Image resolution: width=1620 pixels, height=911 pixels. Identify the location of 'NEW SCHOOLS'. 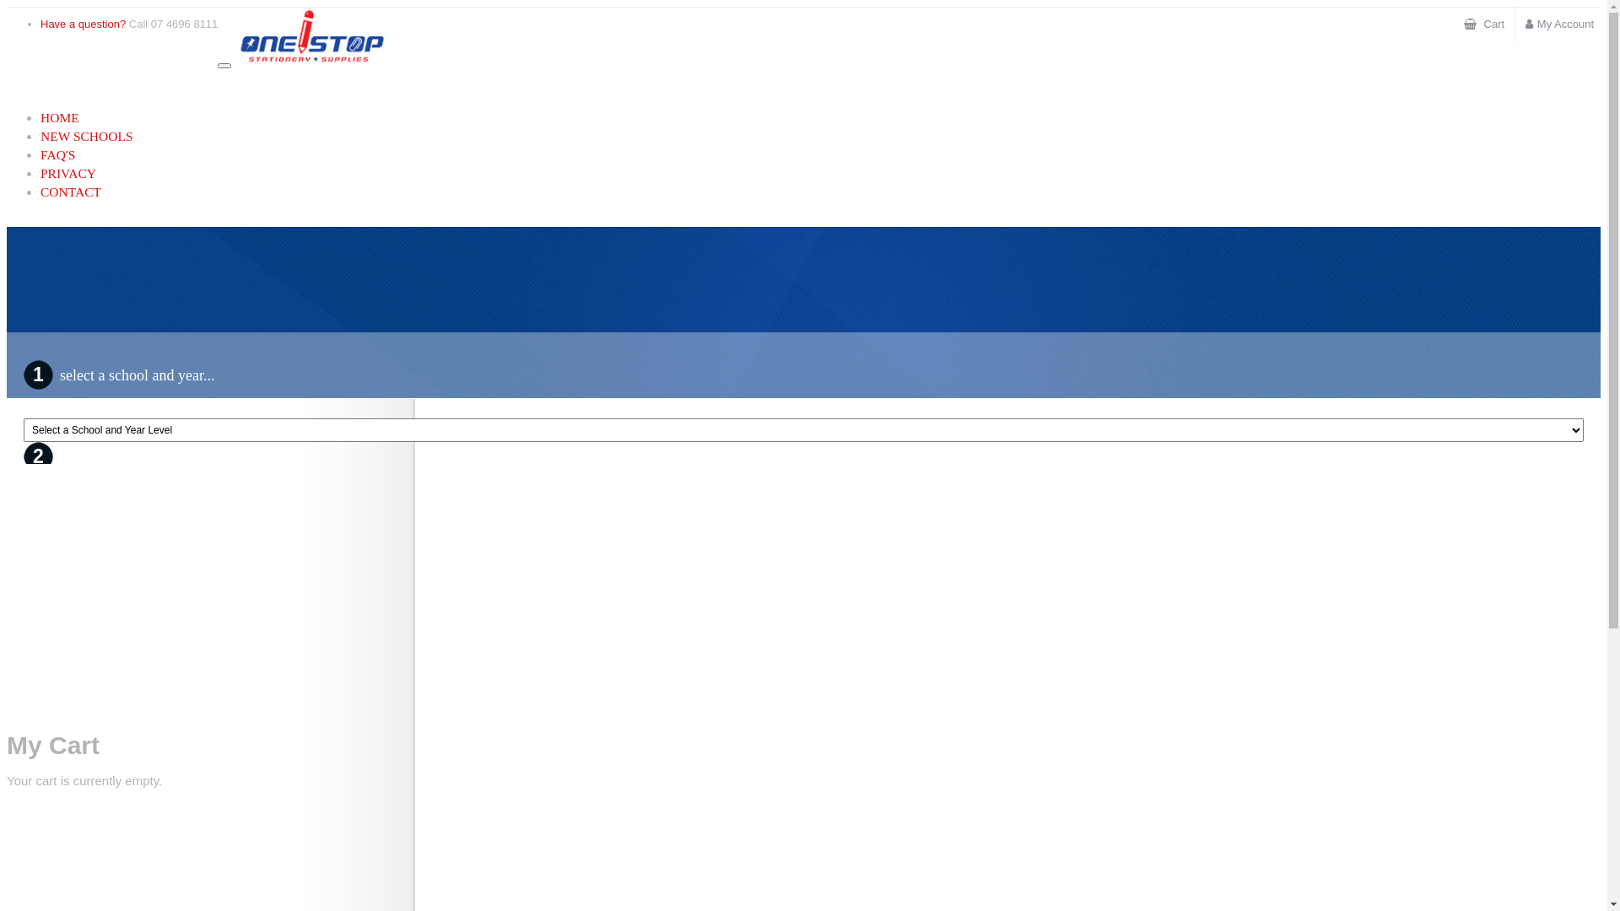
(85, 135).